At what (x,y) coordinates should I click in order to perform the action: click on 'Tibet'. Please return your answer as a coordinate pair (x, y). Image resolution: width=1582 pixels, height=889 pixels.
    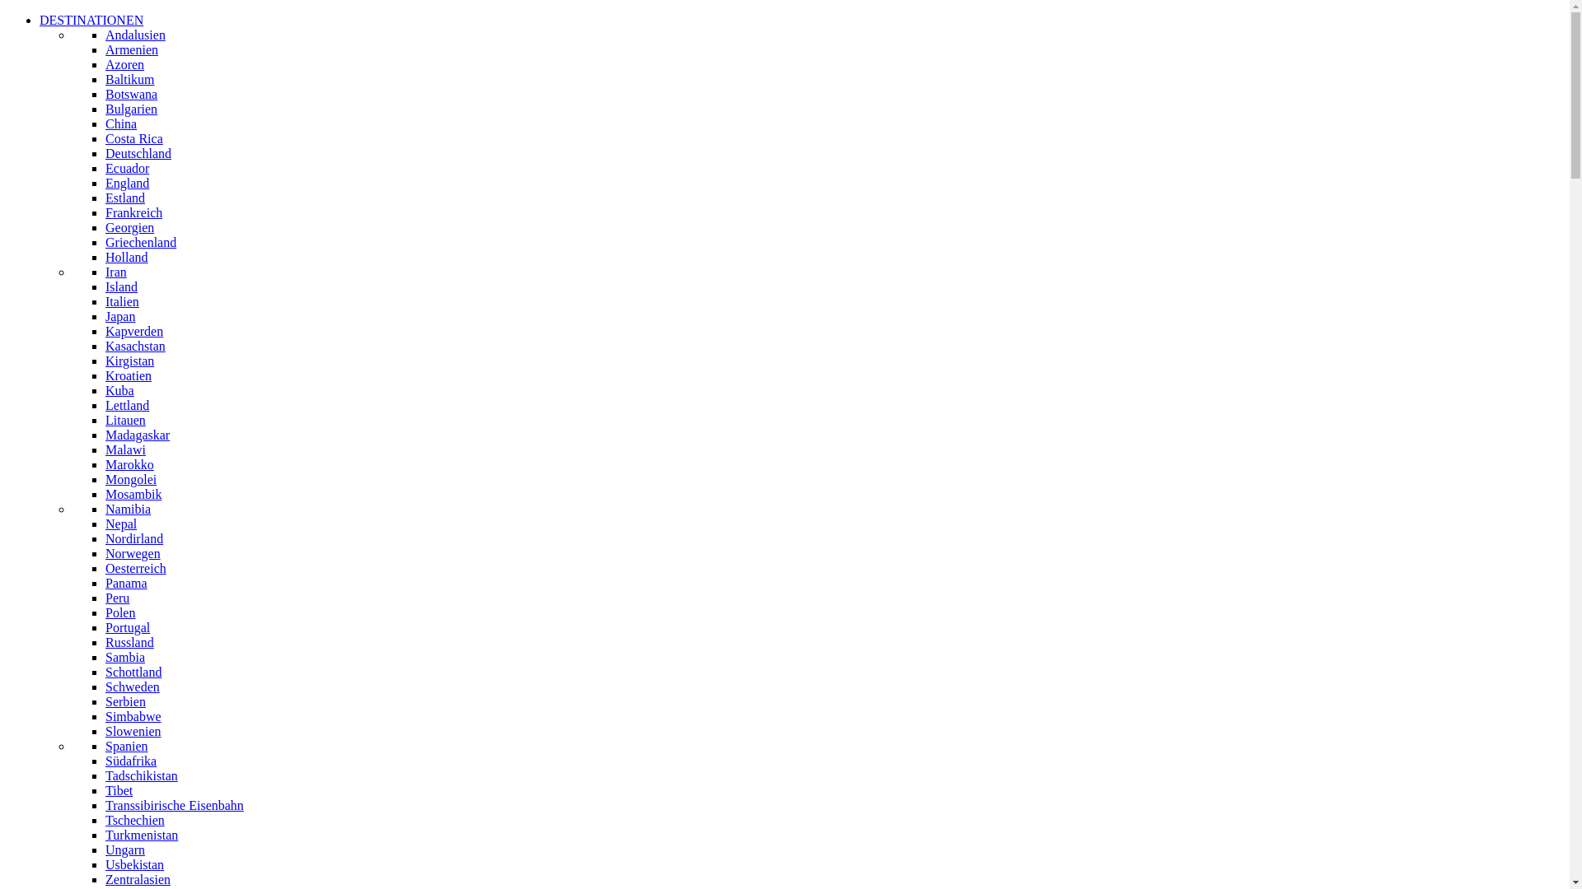
    Looking at the image, I should click on (105, 789).